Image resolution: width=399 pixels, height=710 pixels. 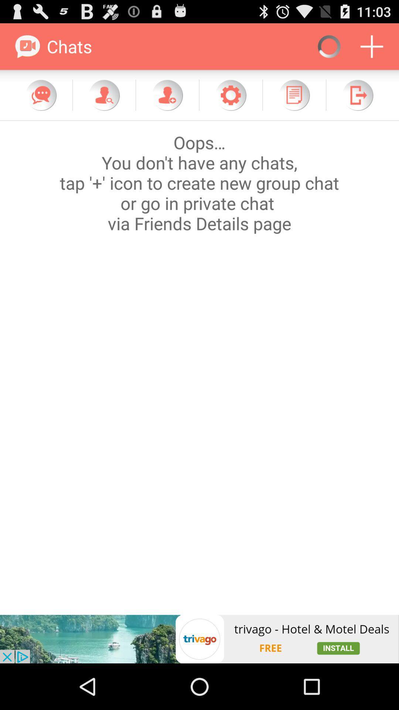 I want to click on next, so click(x=357, y=95).